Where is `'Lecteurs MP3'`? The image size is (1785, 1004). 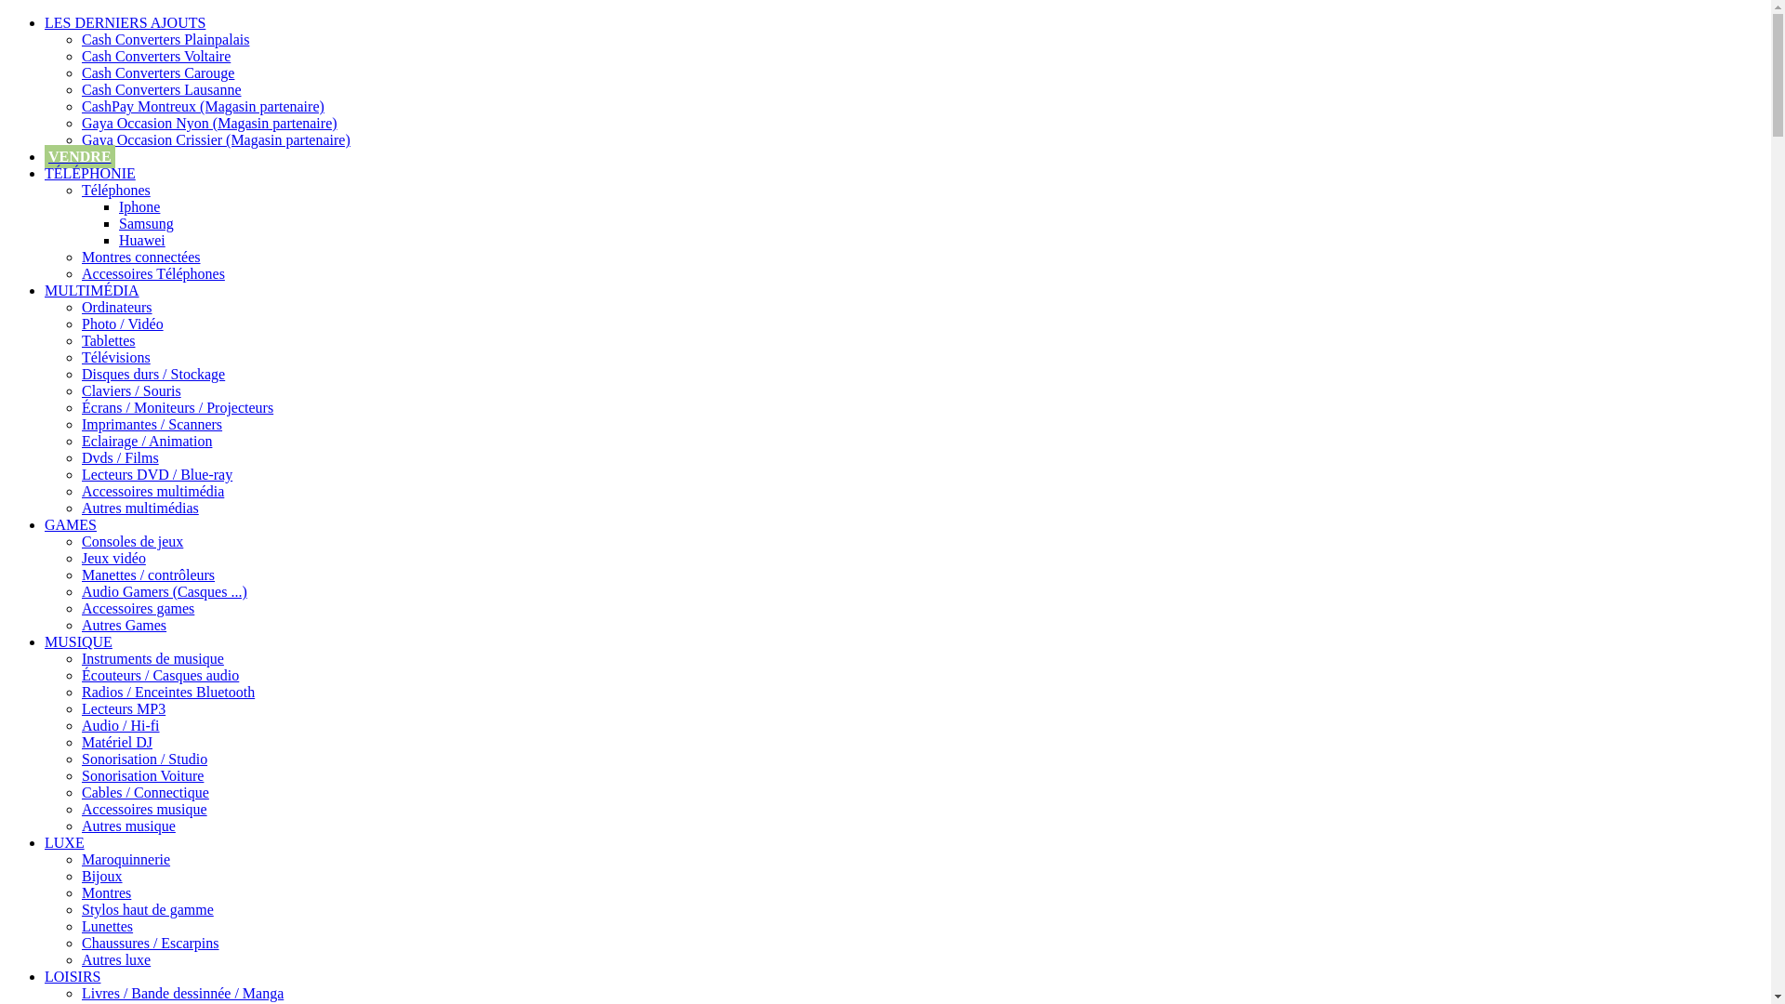 'Lecteurs MP3' is located at coordinates (123, 708).